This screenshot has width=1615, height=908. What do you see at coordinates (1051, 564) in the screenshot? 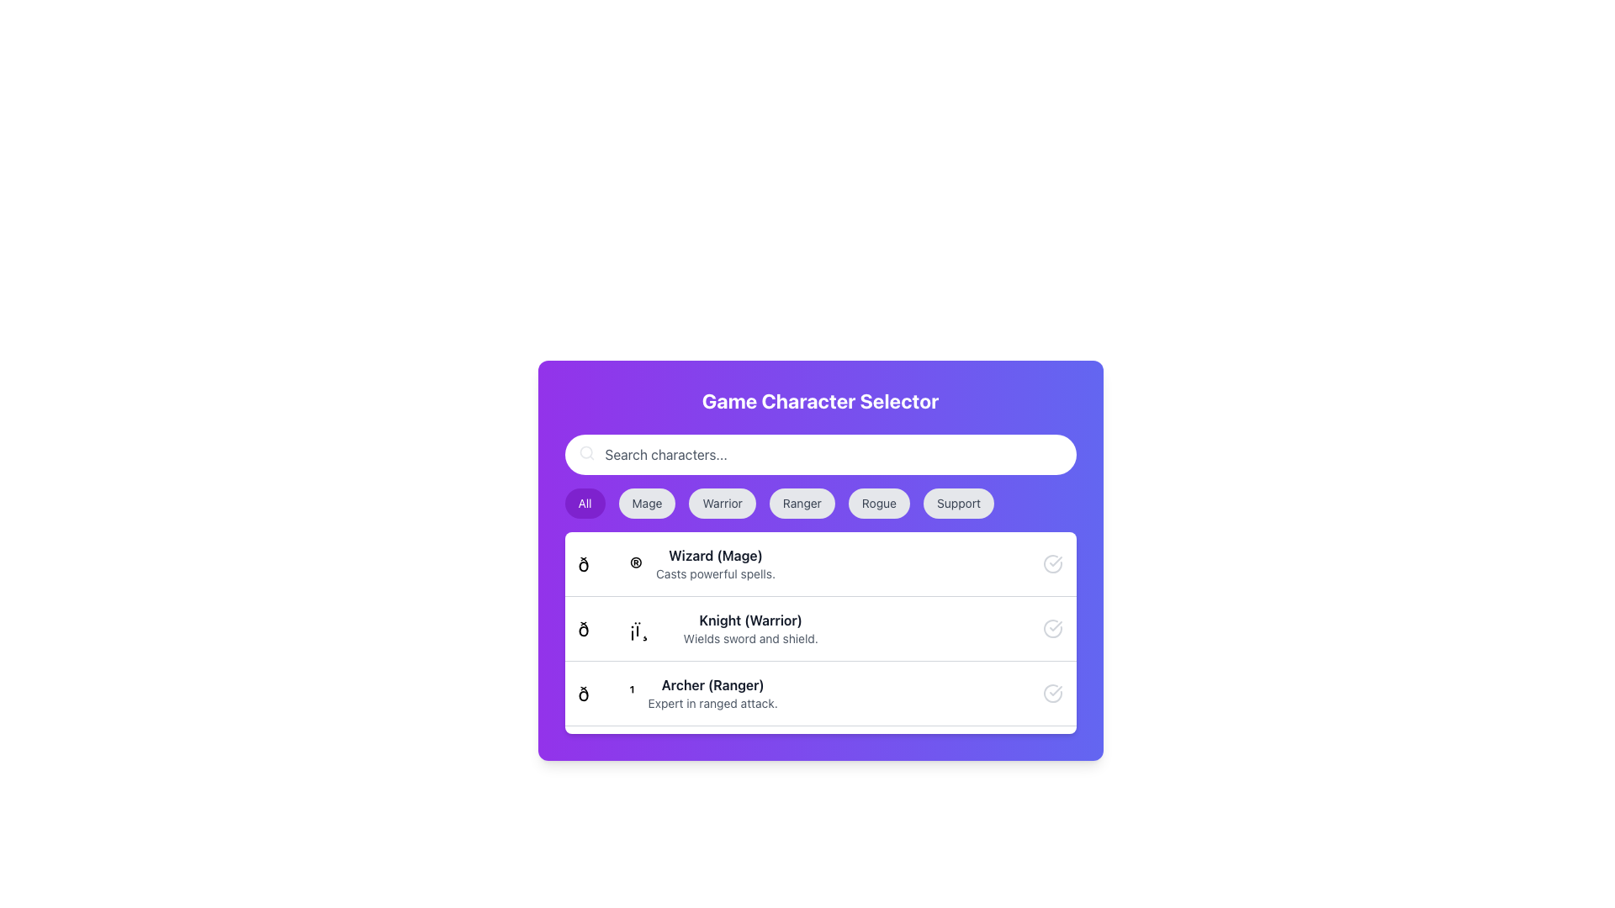
I see `the circular checkmark icon located at the far-right end of the 'Wizard (Mage)' row` at bounding box center [1051, 564].